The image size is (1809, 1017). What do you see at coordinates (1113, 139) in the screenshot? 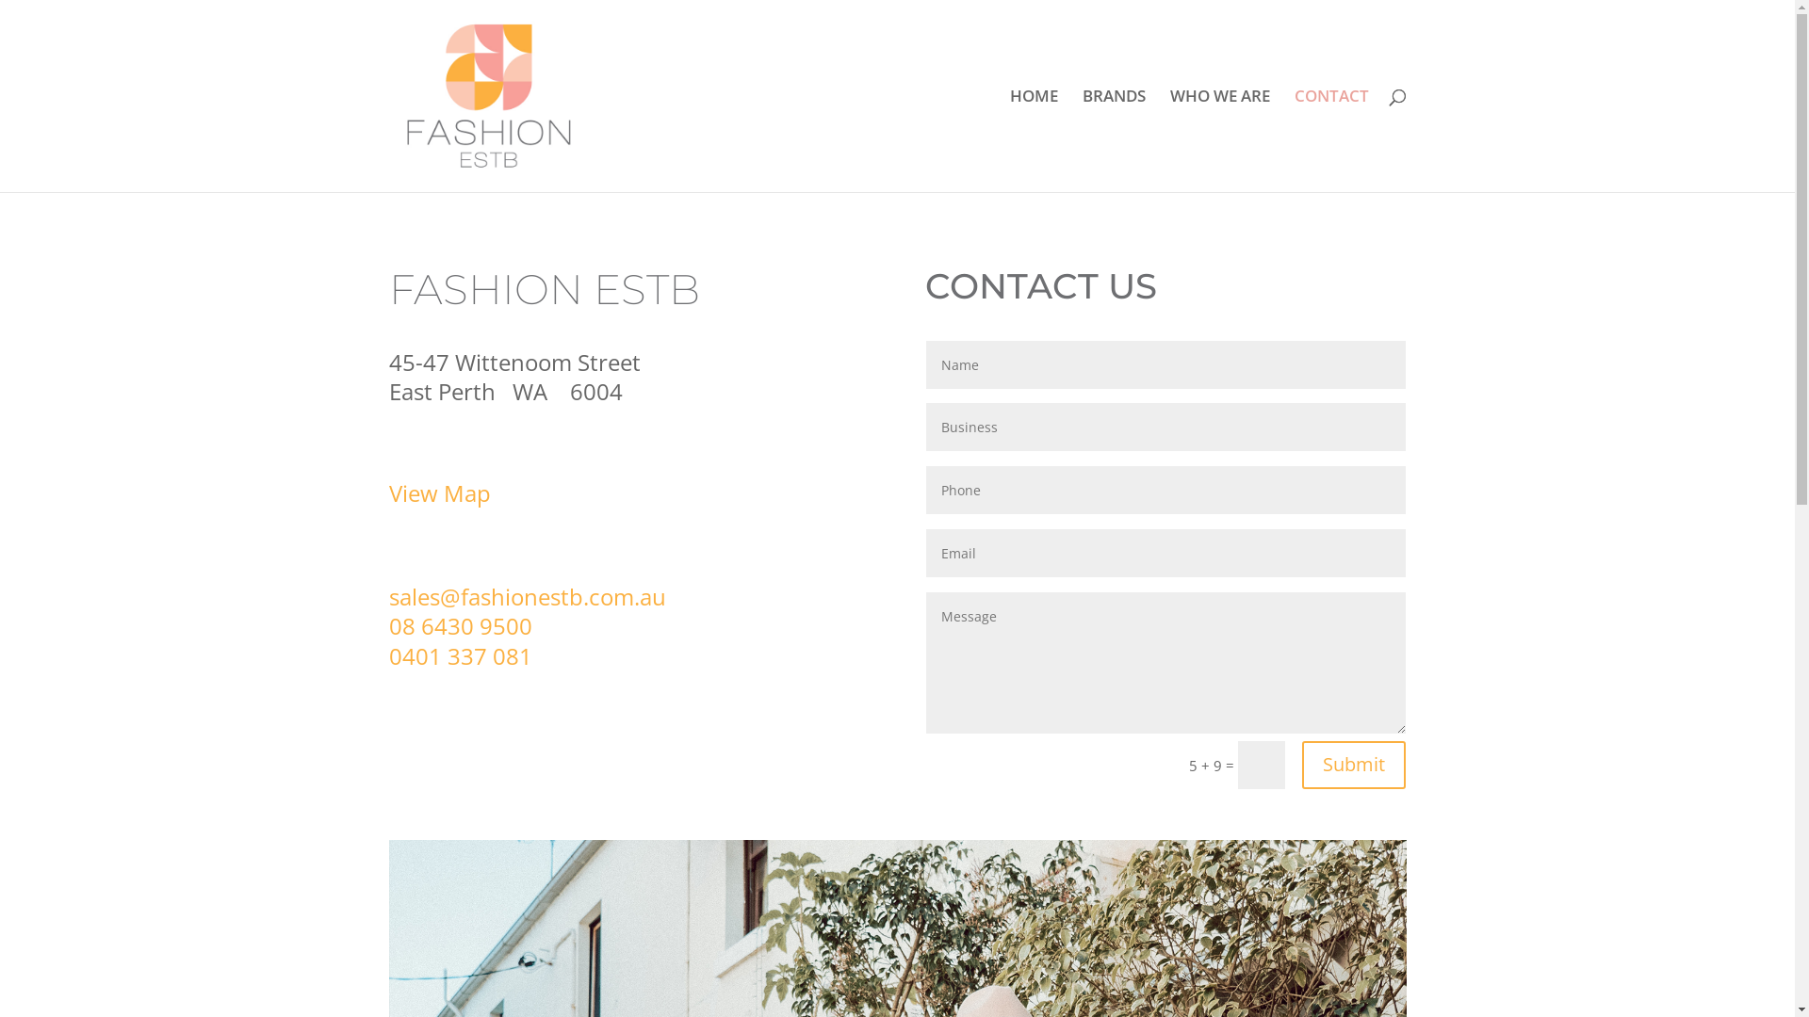
I see `'BRANDS'` at bounding box center [1113, 139].